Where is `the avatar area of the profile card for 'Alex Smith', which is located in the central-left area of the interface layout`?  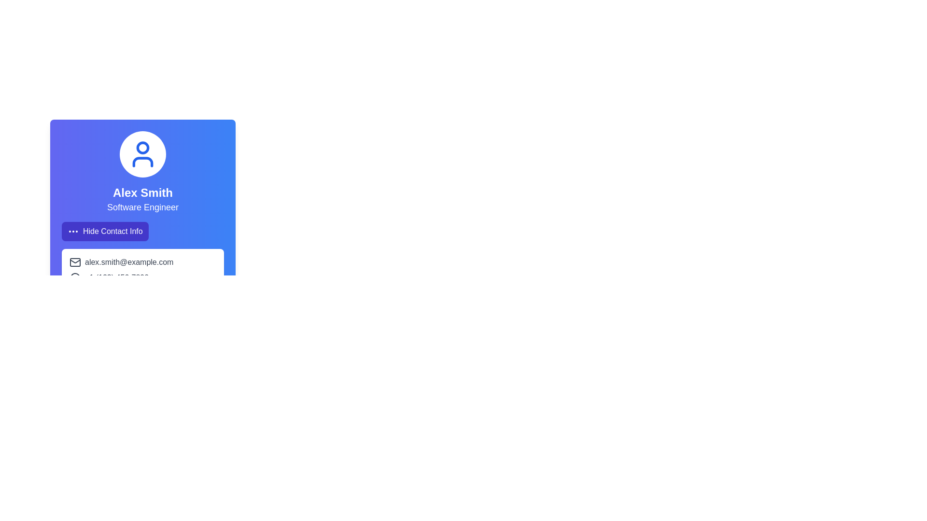 the avatar area of the profile card for 'Alex Smith', which is located in the central-left area of the interface layout is located at coordinates (142, 211).